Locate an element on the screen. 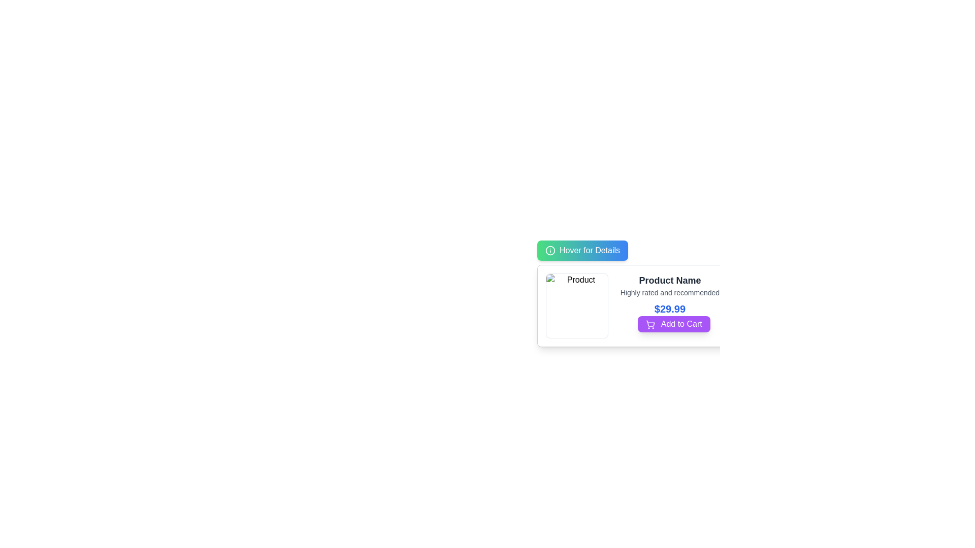  the Text Display element showing the price '$29.99' in bold, blue, extra-large font, located in the product details section above the 'Add to Cart' button is located at coordinates (670, 309).